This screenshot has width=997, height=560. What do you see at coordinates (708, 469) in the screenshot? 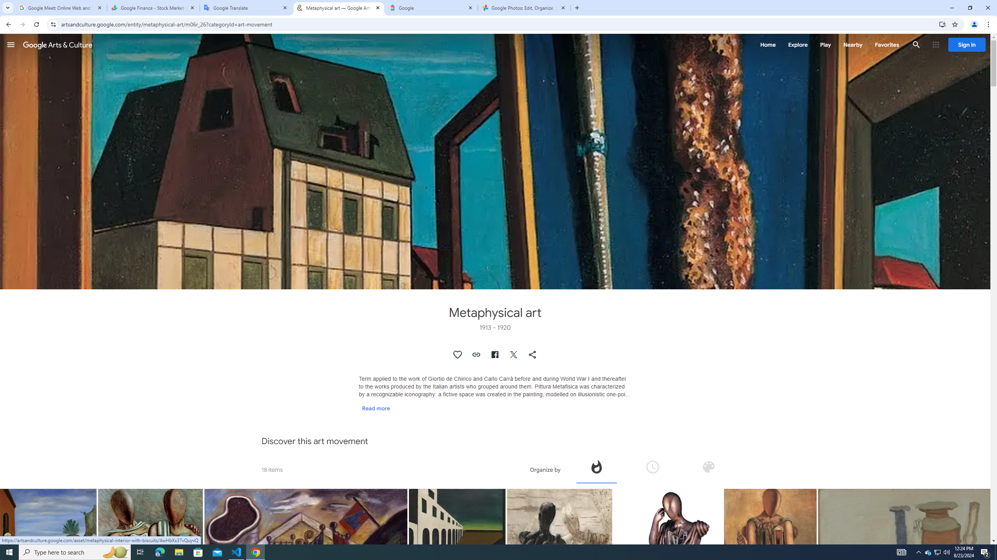
I see `'Organize by color'` at bounding box center [708, 469].